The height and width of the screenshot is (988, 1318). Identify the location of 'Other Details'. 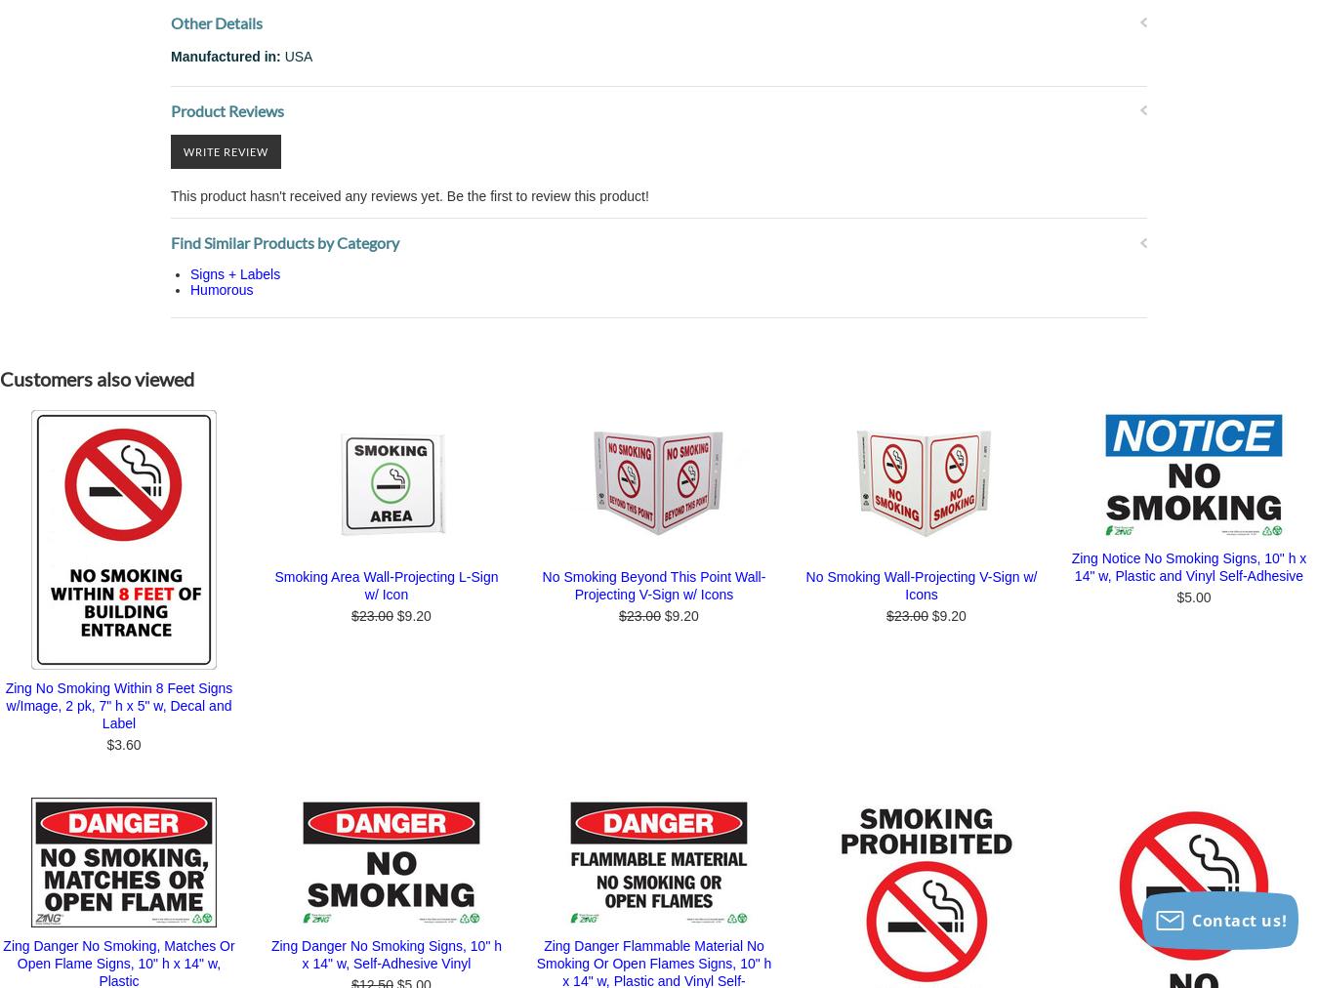
(216, 21).